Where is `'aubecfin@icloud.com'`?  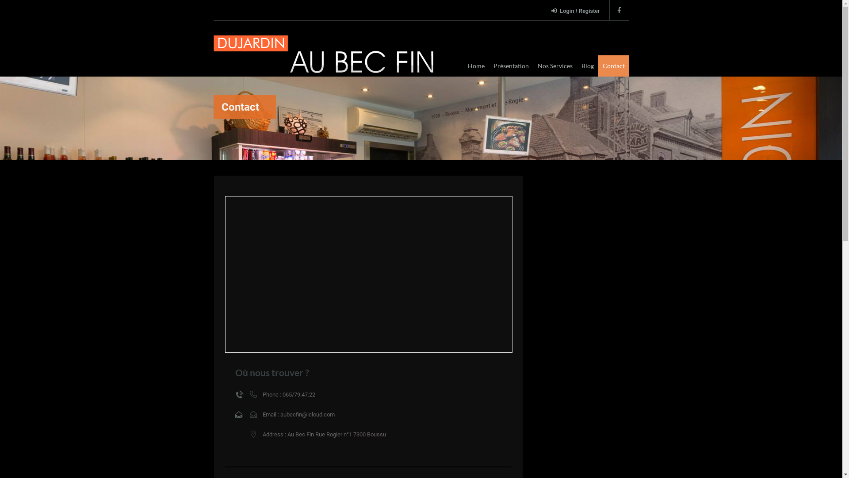 'aubecfin@icloud.com' is located at coordinates (279, 414).